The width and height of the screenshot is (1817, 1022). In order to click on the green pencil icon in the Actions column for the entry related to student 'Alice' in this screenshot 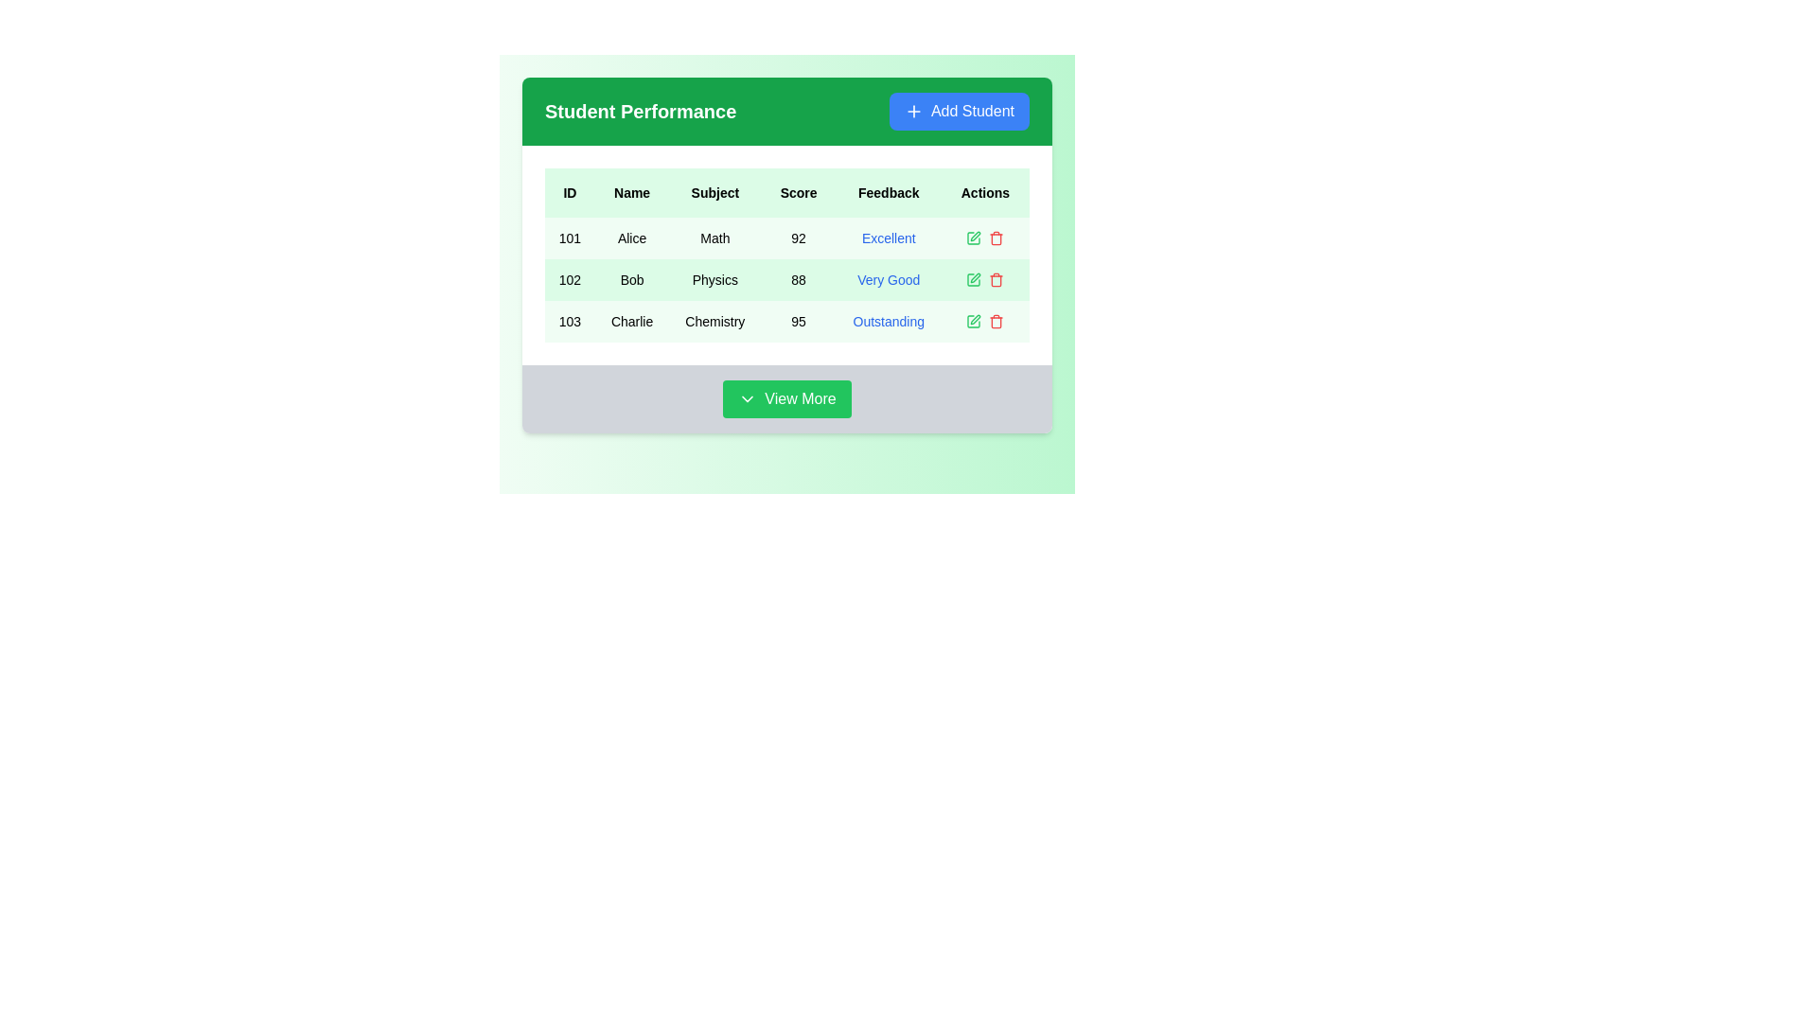, I will do `click(984, 237)`.